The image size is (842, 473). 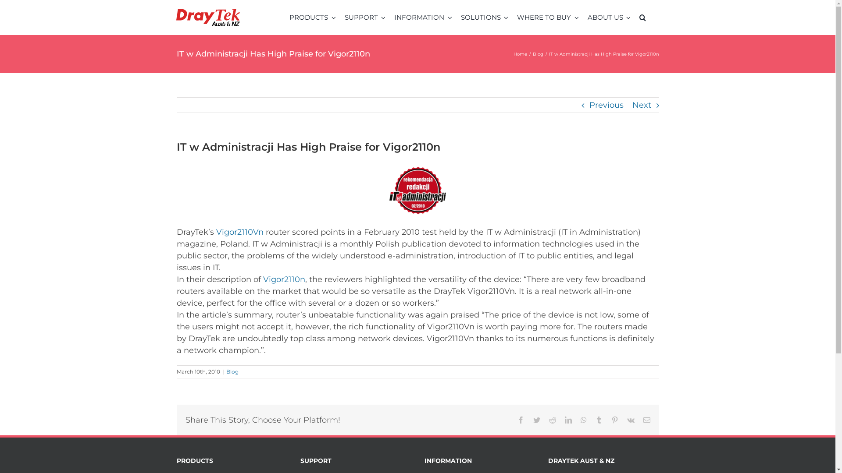 What do you see at coordinates (568, 420) in the screenshot?
I see `'LinkedIn'` at bounding box center [568, 420].